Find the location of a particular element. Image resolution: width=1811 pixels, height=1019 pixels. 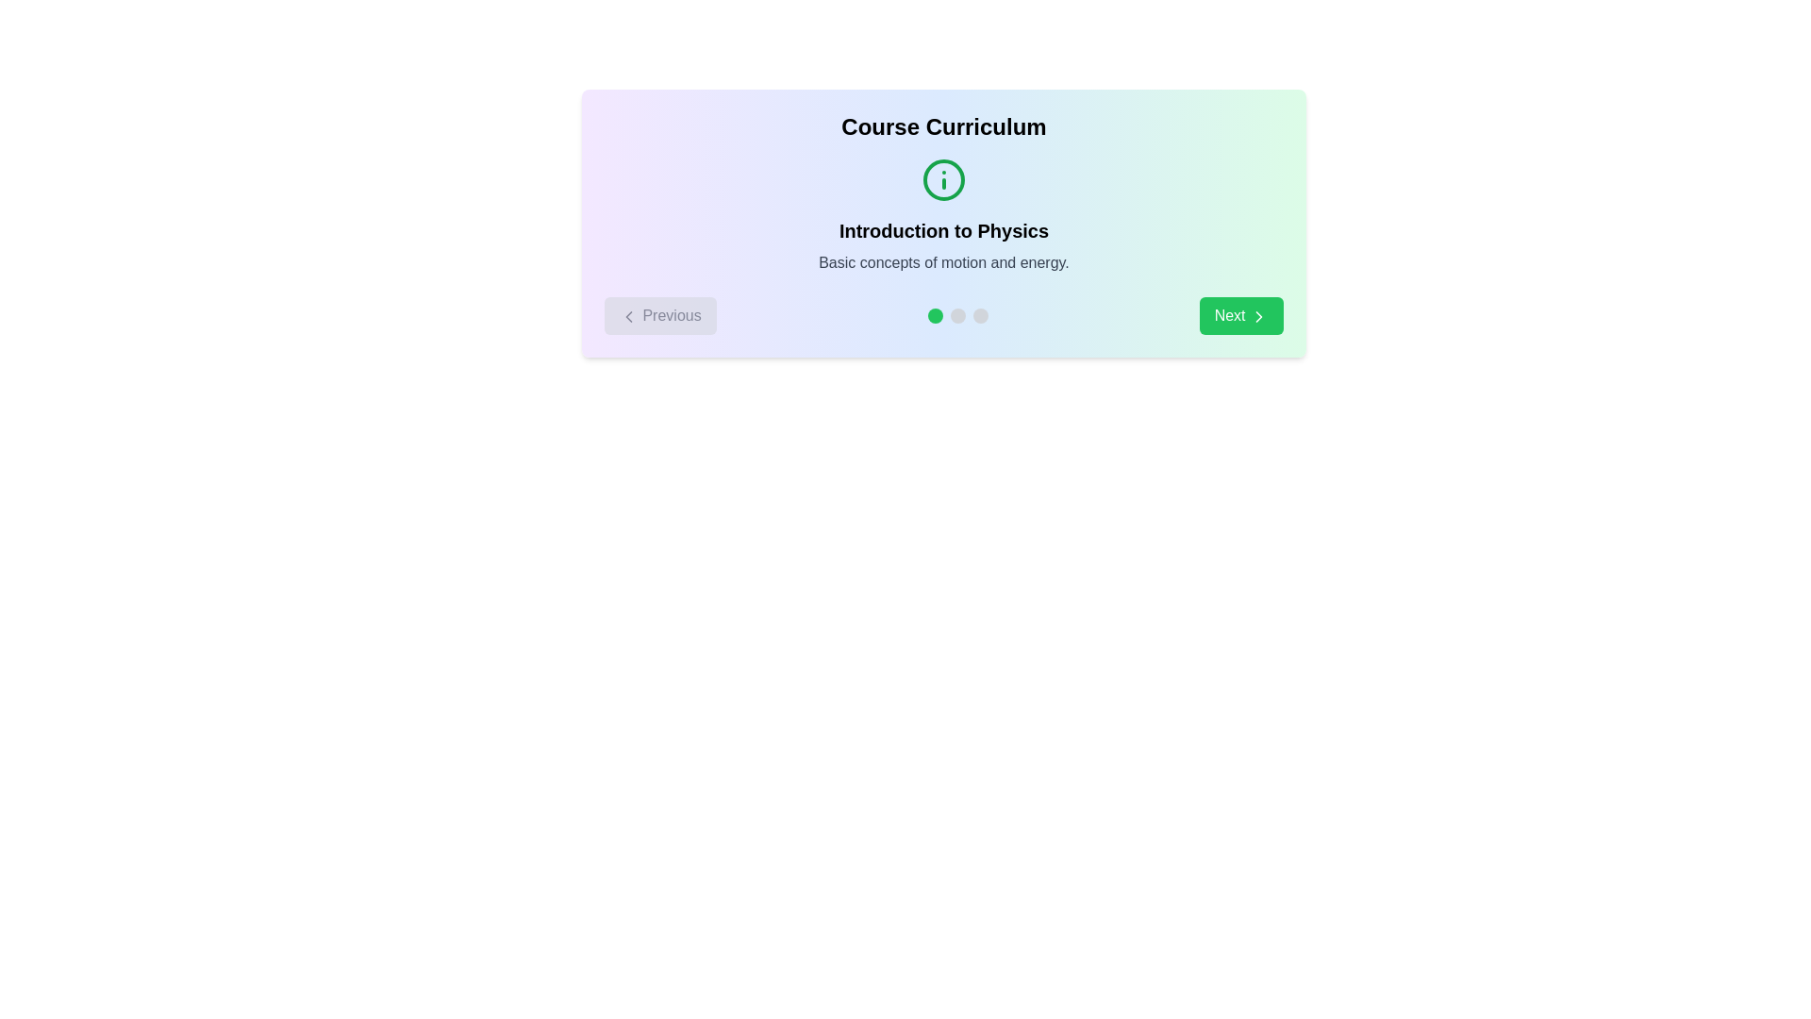

the information icon located above the 'Introduction to Physics' title is located at coordinates (944, 180).